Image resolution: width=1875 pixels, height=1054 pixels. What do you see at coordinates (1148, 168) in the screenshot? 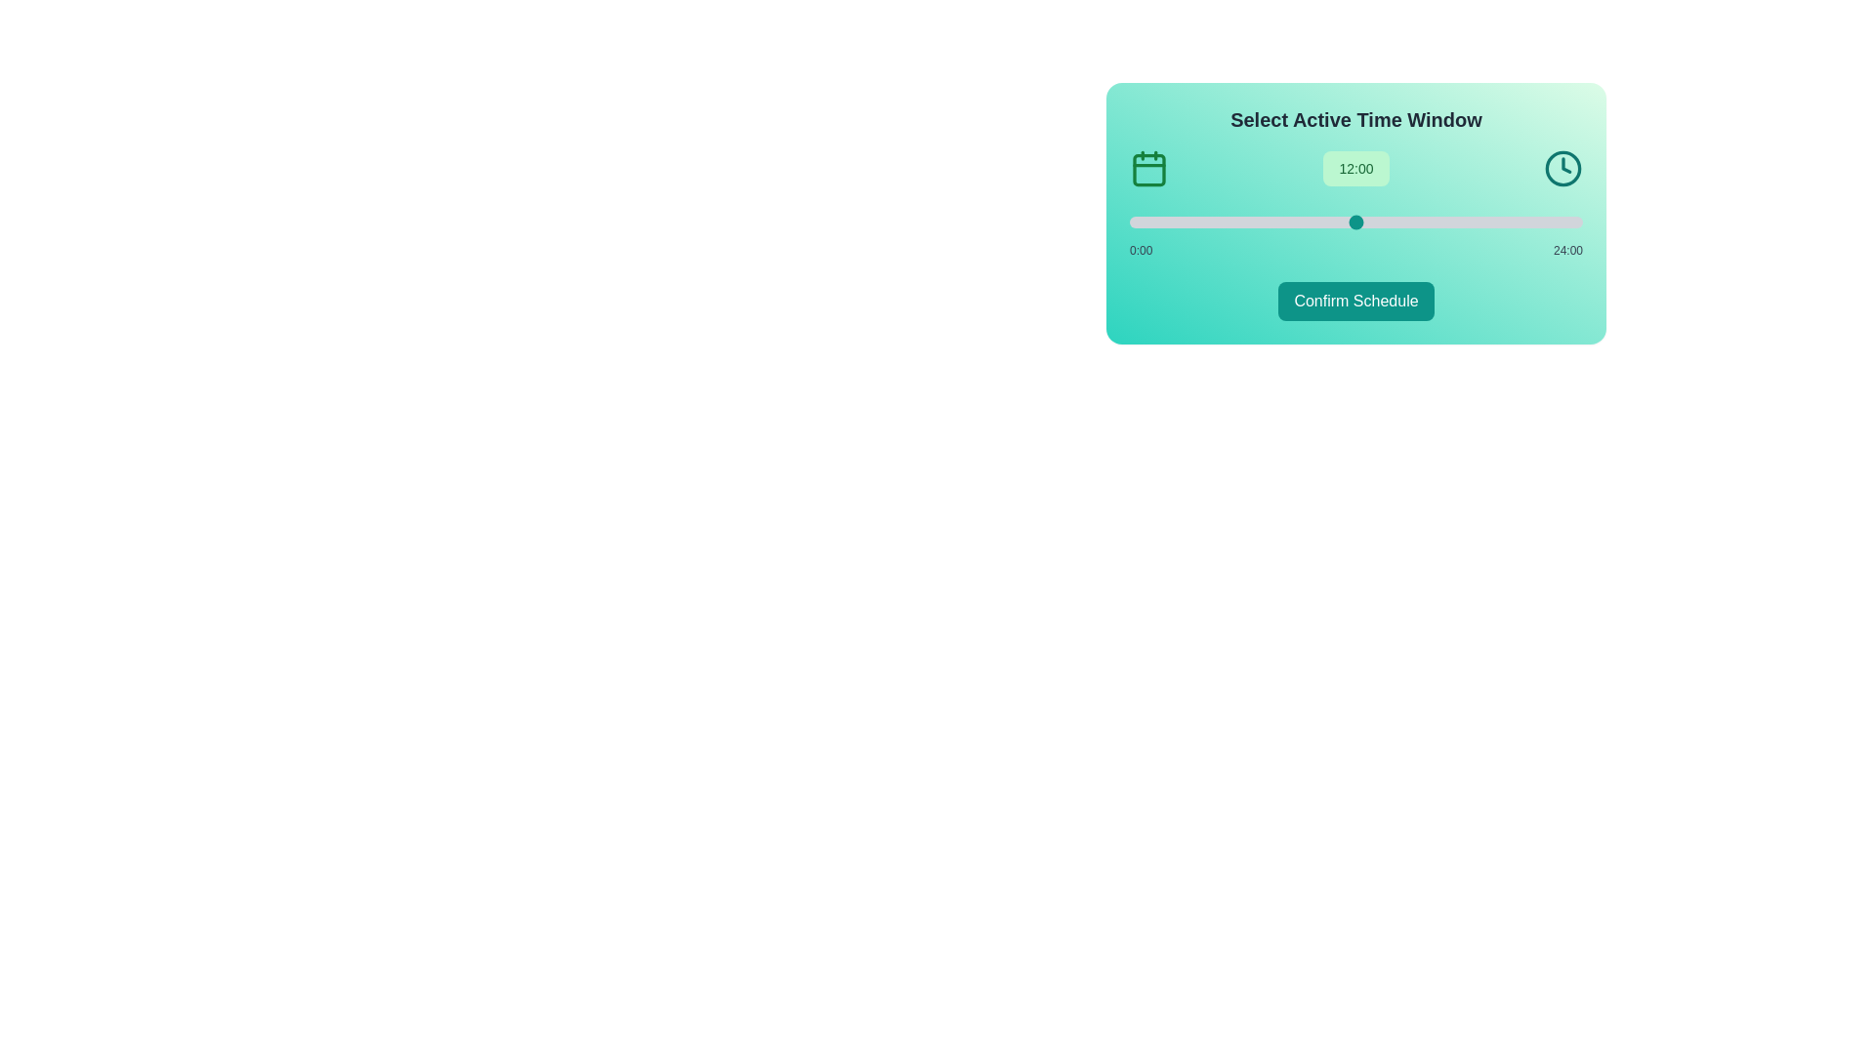
I see `the calendar icon to explore its functionality` at bounding box center [1148, 168].